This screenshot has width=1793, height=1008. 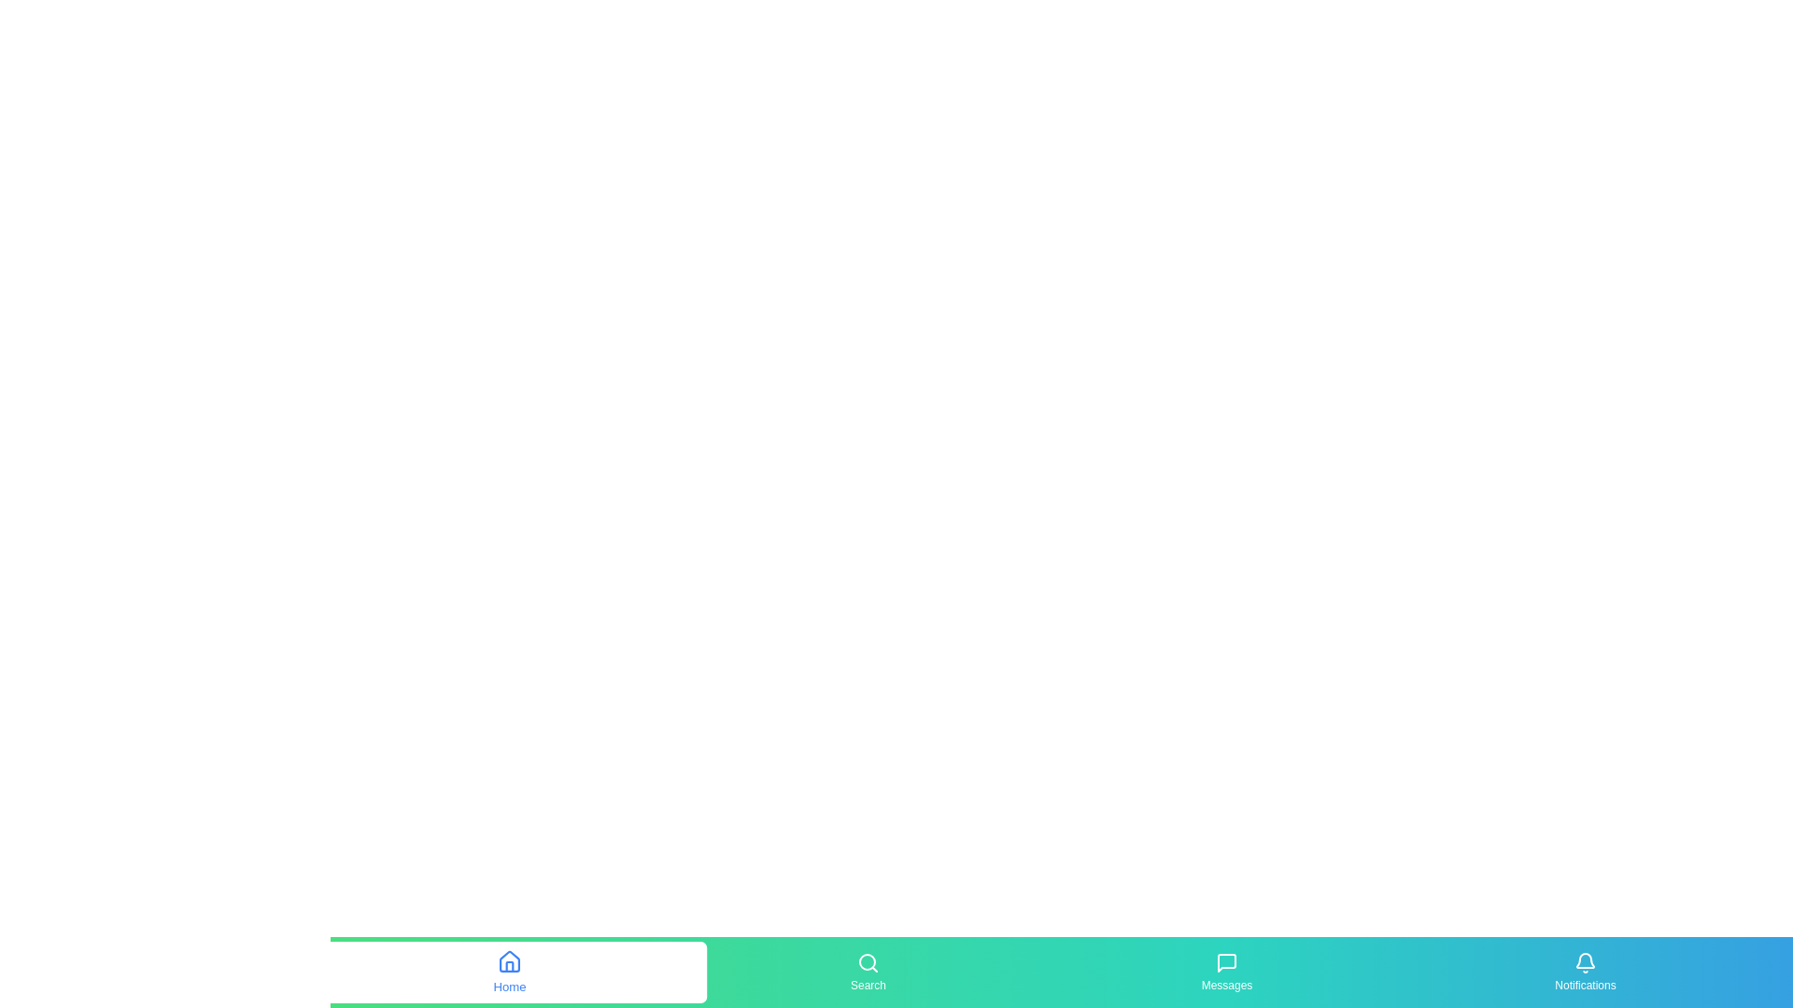 What do you see at coordinates (1585, 971) in the screenshot?
I see `the Notifications tab by clicking the corresponding button` at bounding box center [1585, 971].